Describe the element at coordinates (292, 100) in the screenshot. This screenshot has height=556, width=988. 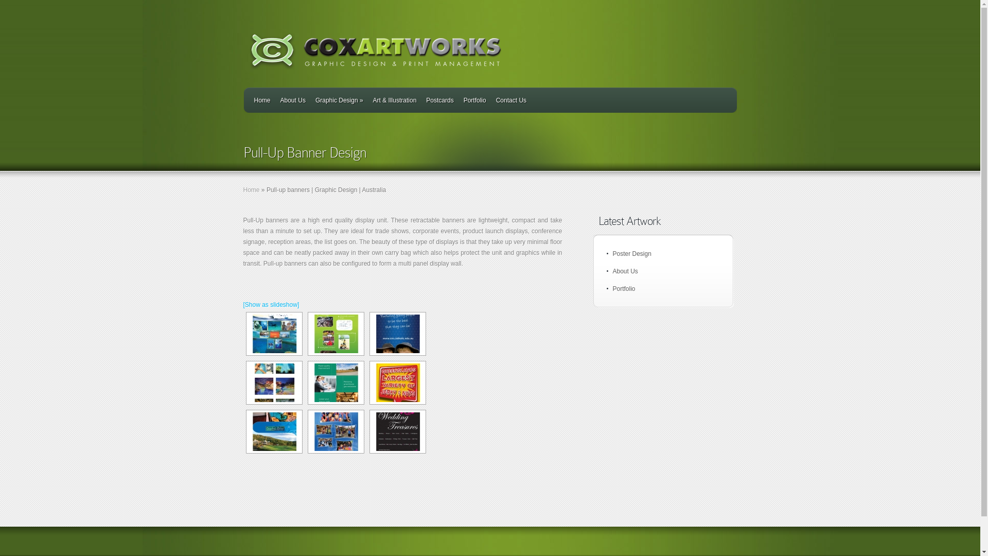
I see `'About Us'` at that location.